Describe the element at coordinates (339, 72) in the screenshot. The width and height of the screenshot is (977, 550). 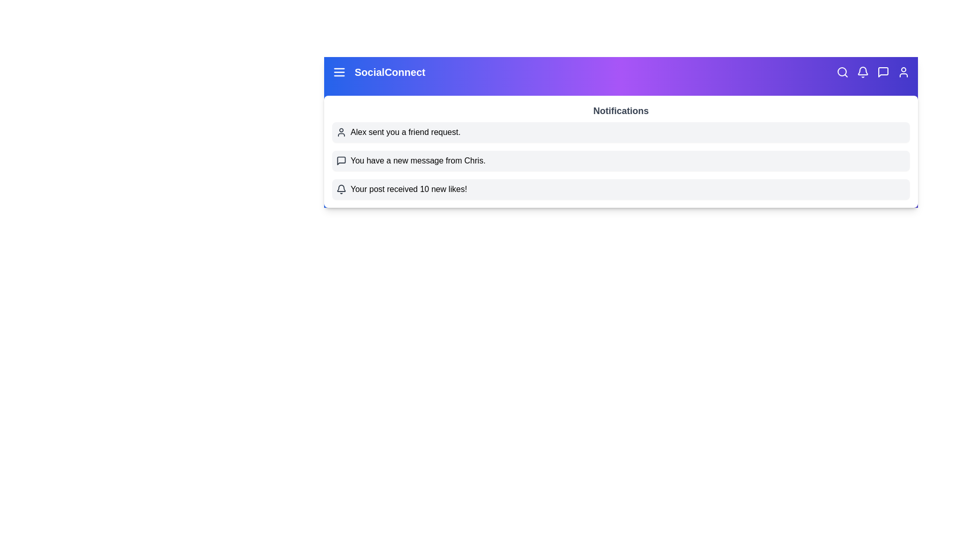
I see `the menu icon to toggle the menu` at that location.